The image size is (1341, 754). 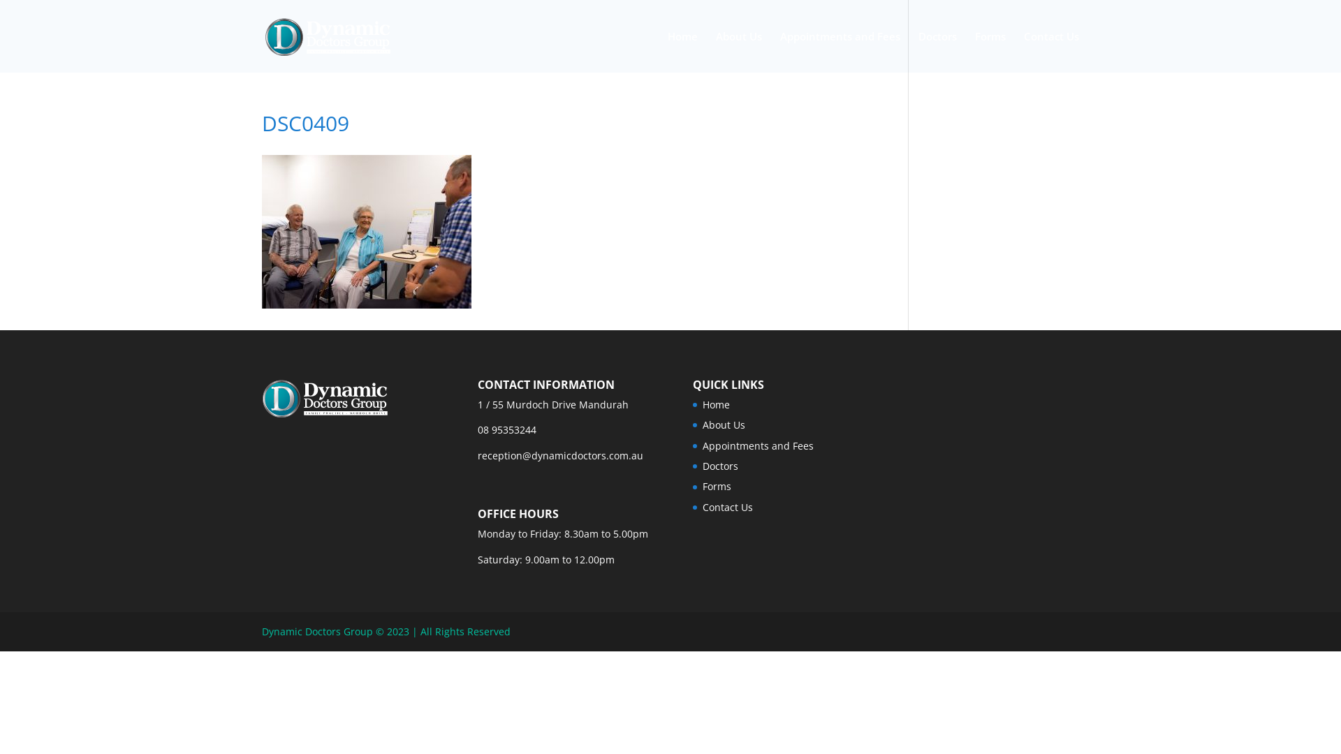 I want to click on 'Doctors', so click(x=720, y=466).